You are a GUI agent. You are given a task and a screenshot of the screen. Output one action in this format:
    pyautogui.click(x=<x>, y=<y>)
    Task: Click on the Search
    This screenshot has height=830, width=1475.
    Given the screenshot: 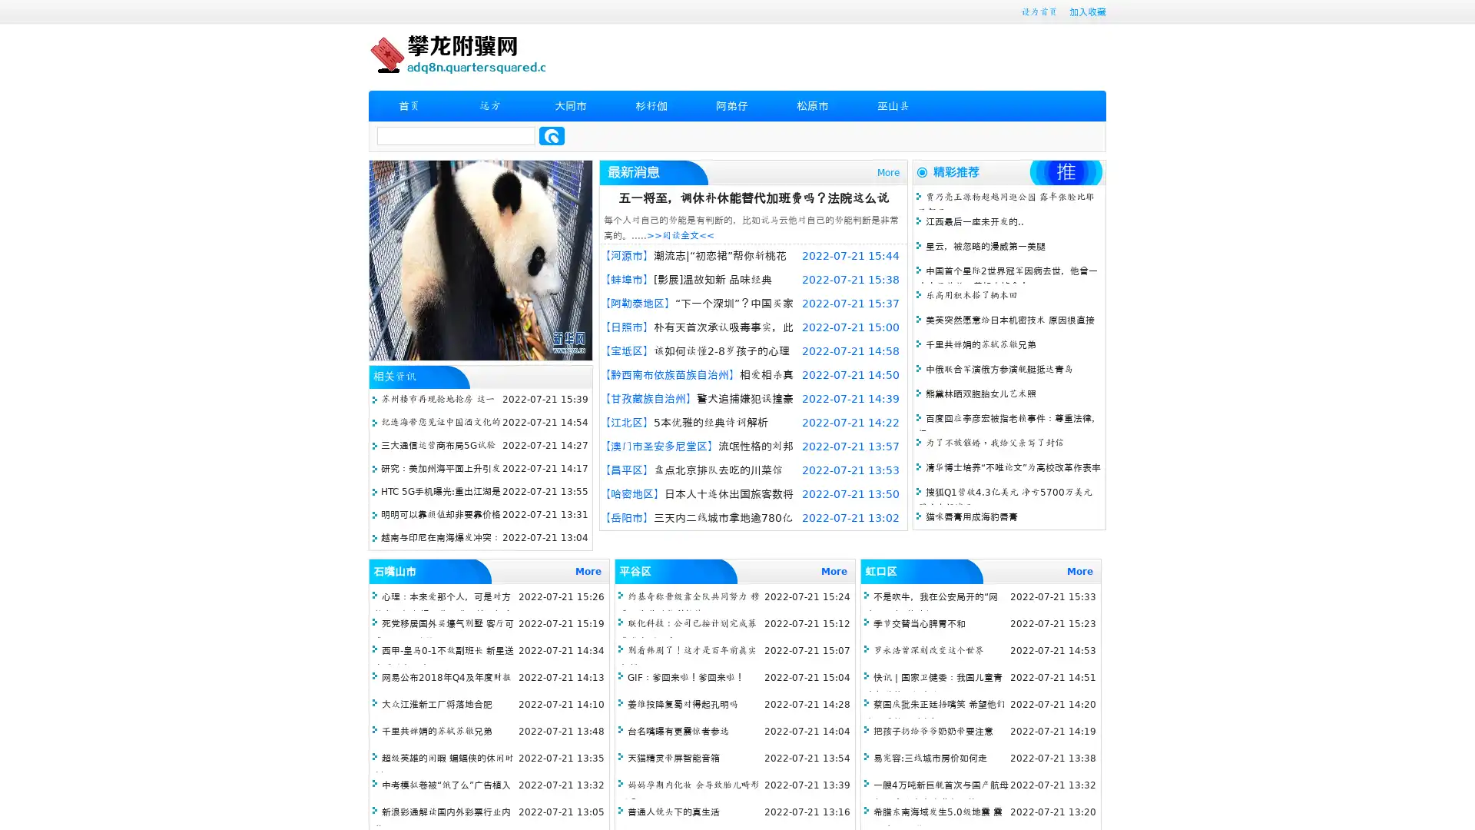 What is the action you would take?
    pyautogui.click(x=552, y=135)
    